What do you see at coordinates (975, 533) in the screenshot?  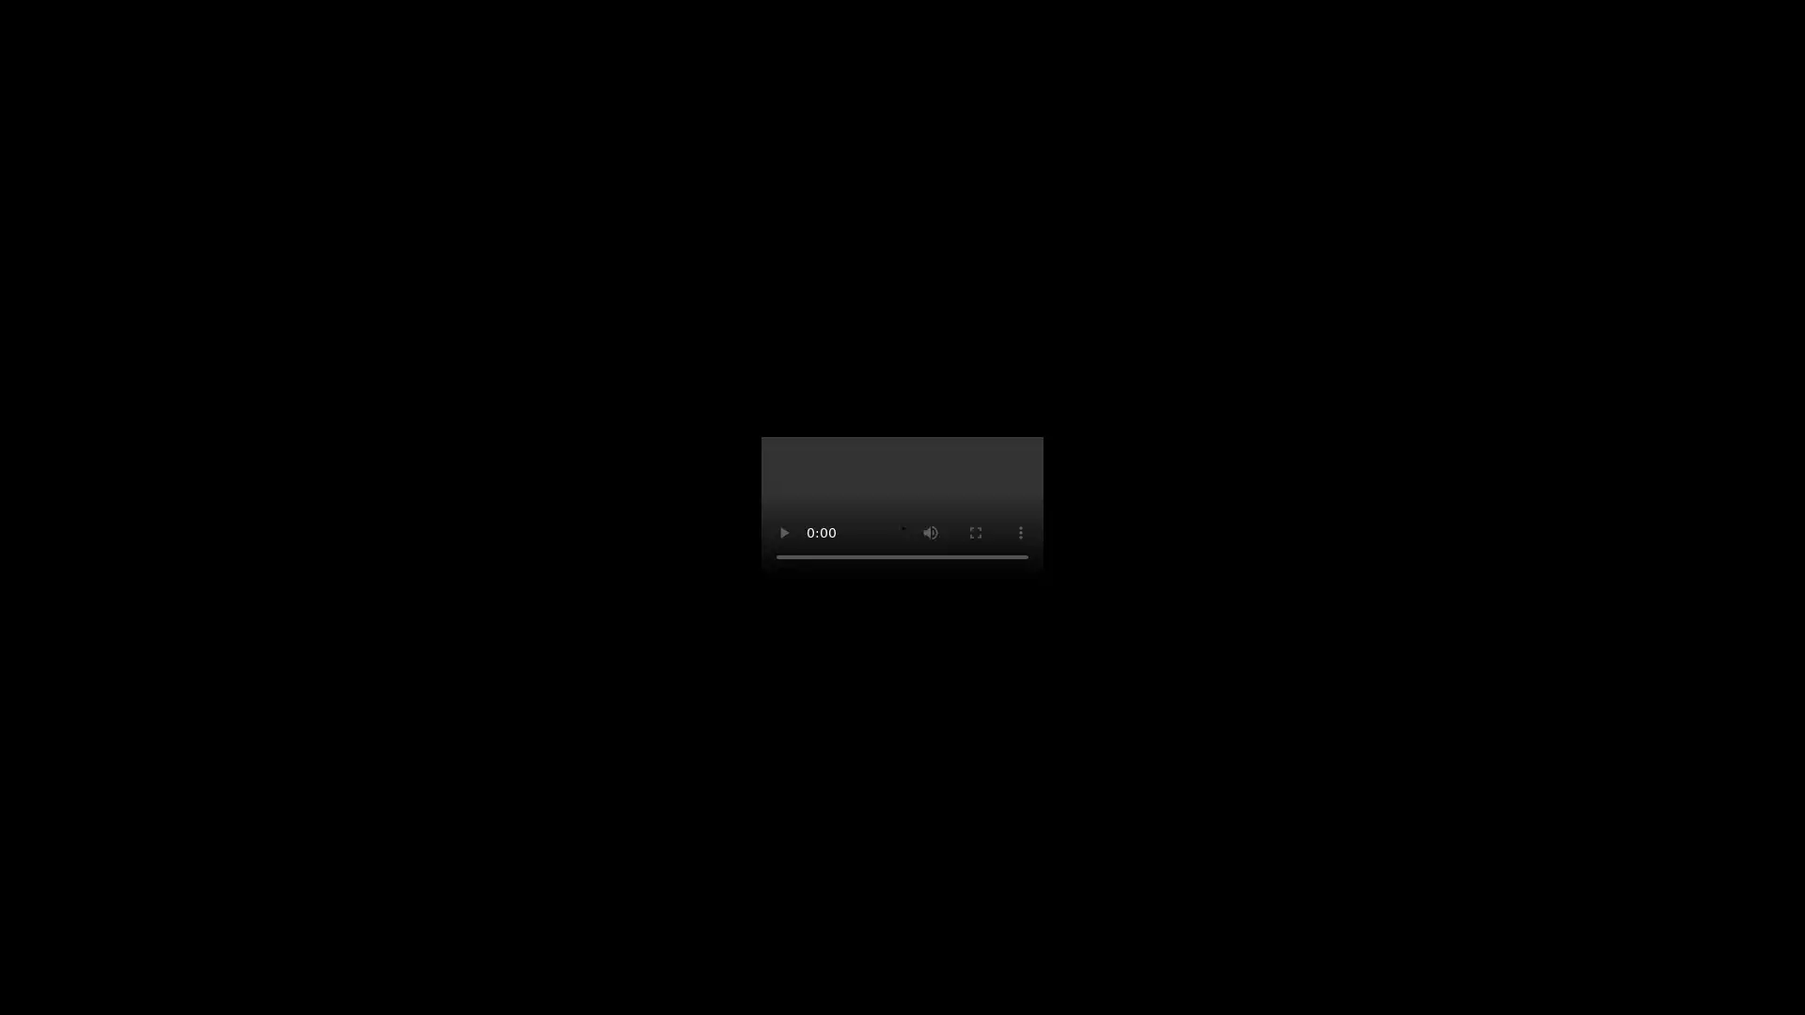 I see `enter full screen` at bounding box center [975, 533].